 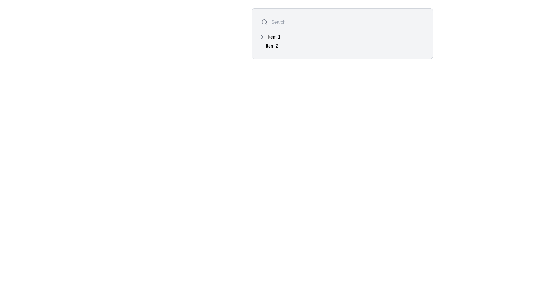 What do you see at coordinates (264, 21) in the screenshot?
I see `the SVG Circle Graphic that is part of the search icon, located beside the 'Search' text in the top-left corner of the UI card` at bounding box center [264, 21].